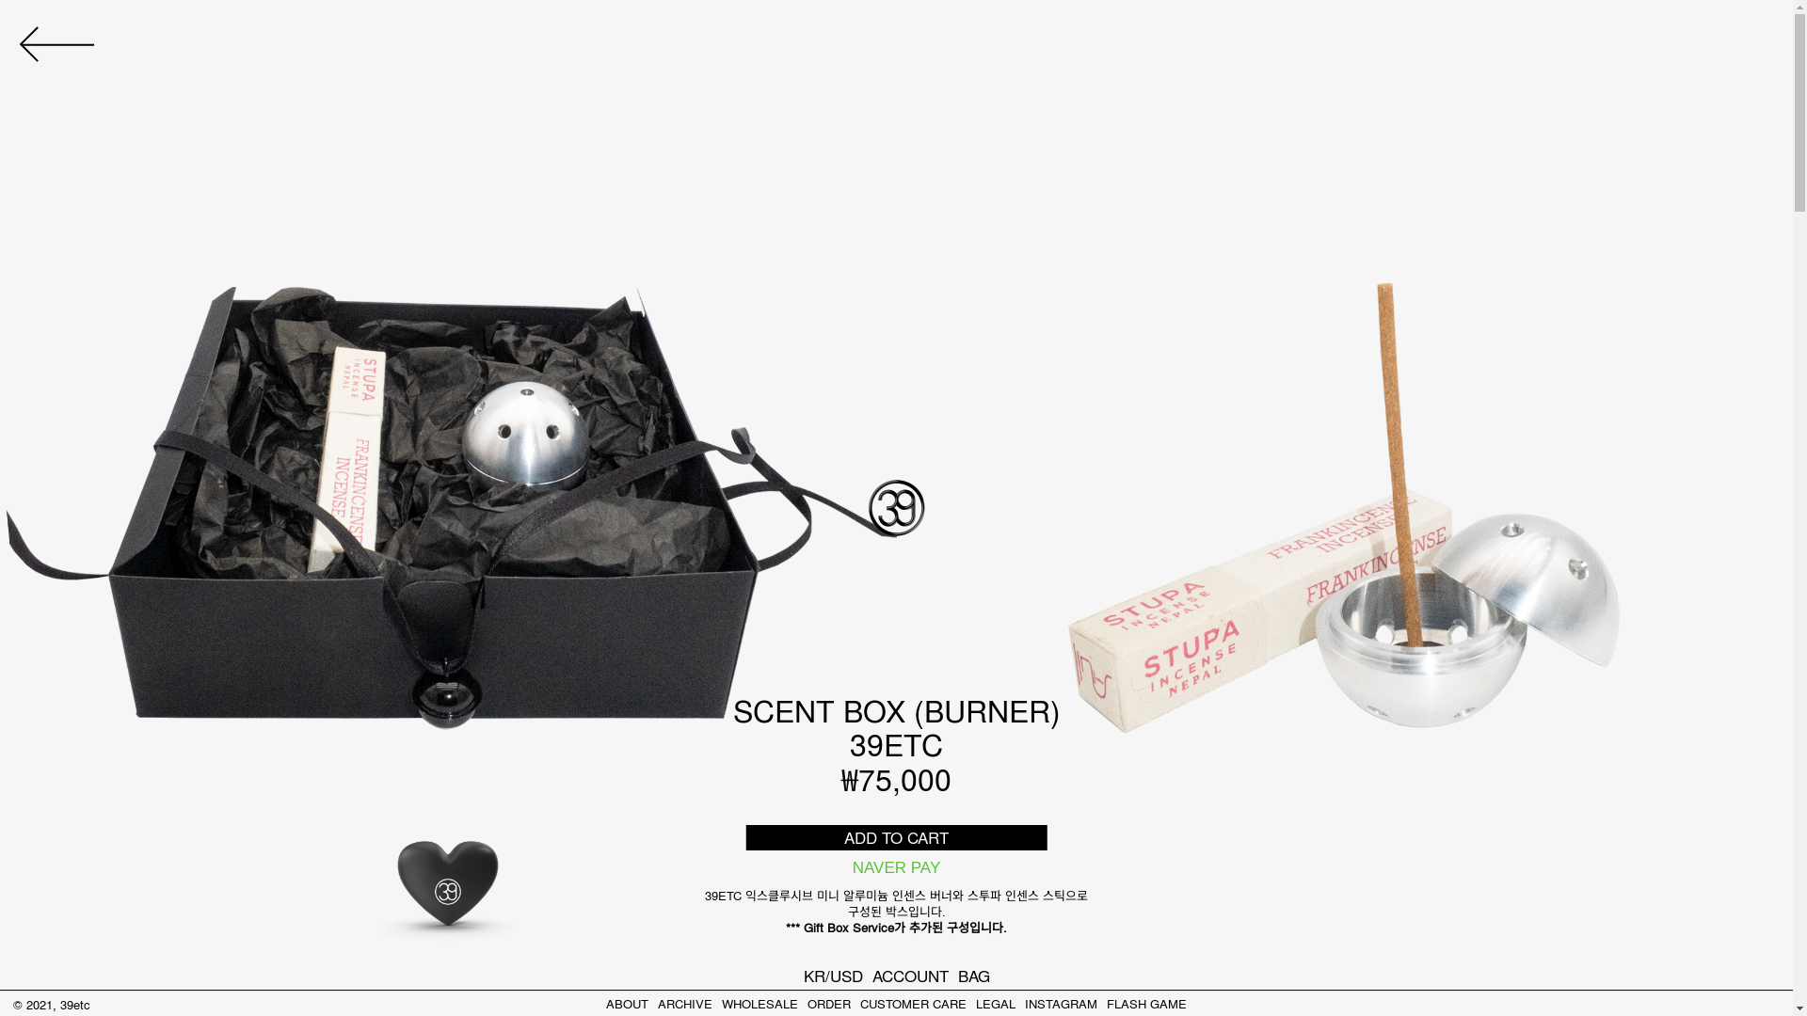 This screenshot has width=1807, height=1016. Describe the element at coordinates (913, 1002) in the screenshot. I see `'CUSTOMER CARE'` at that location.